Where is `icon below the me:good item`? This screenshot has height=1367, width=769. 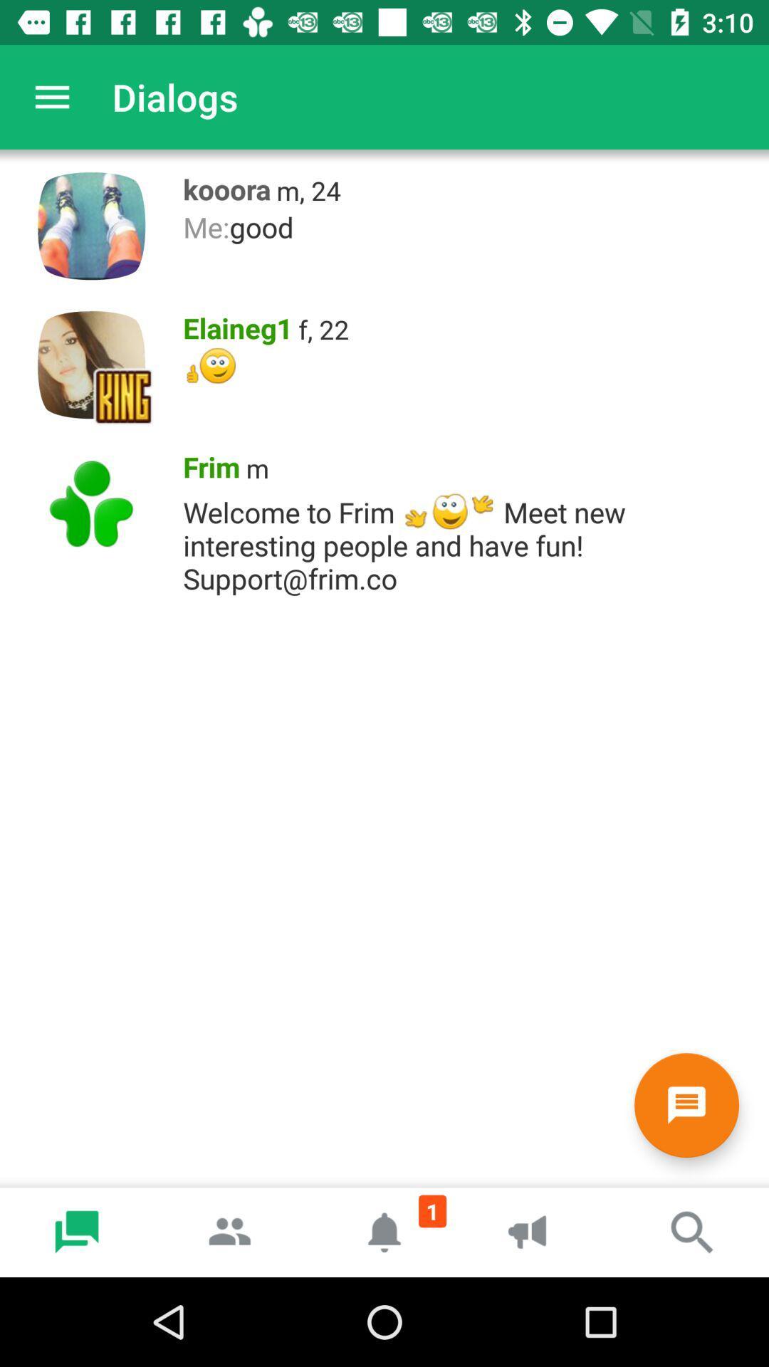
icon below the me:good item is located at coordinates (323, 328).